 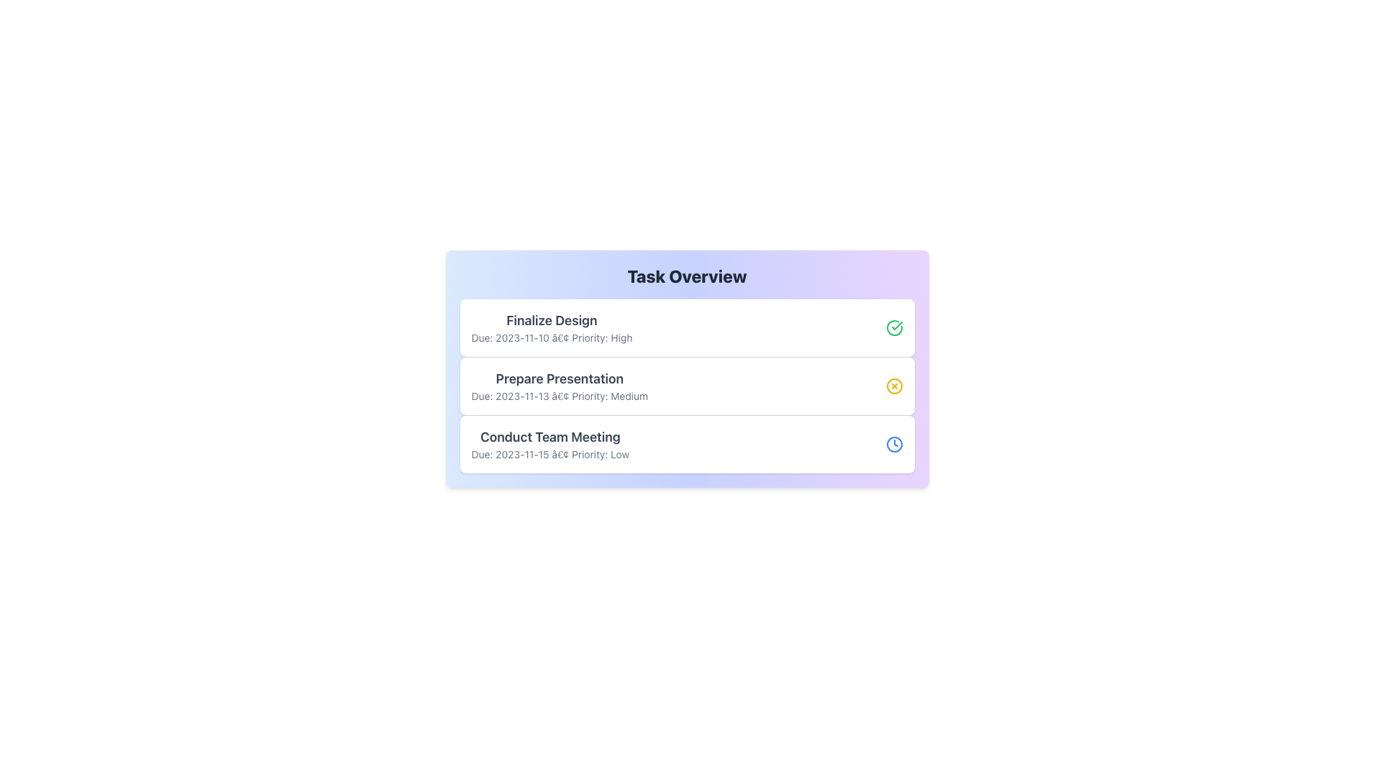 What do you see at coordinates (686, 368) in the screenshot?
I see `the second task card in the task list, which has a gradient background and is titled 'Task Overview', to interact with the tasks` at bounding box center [686, 368].